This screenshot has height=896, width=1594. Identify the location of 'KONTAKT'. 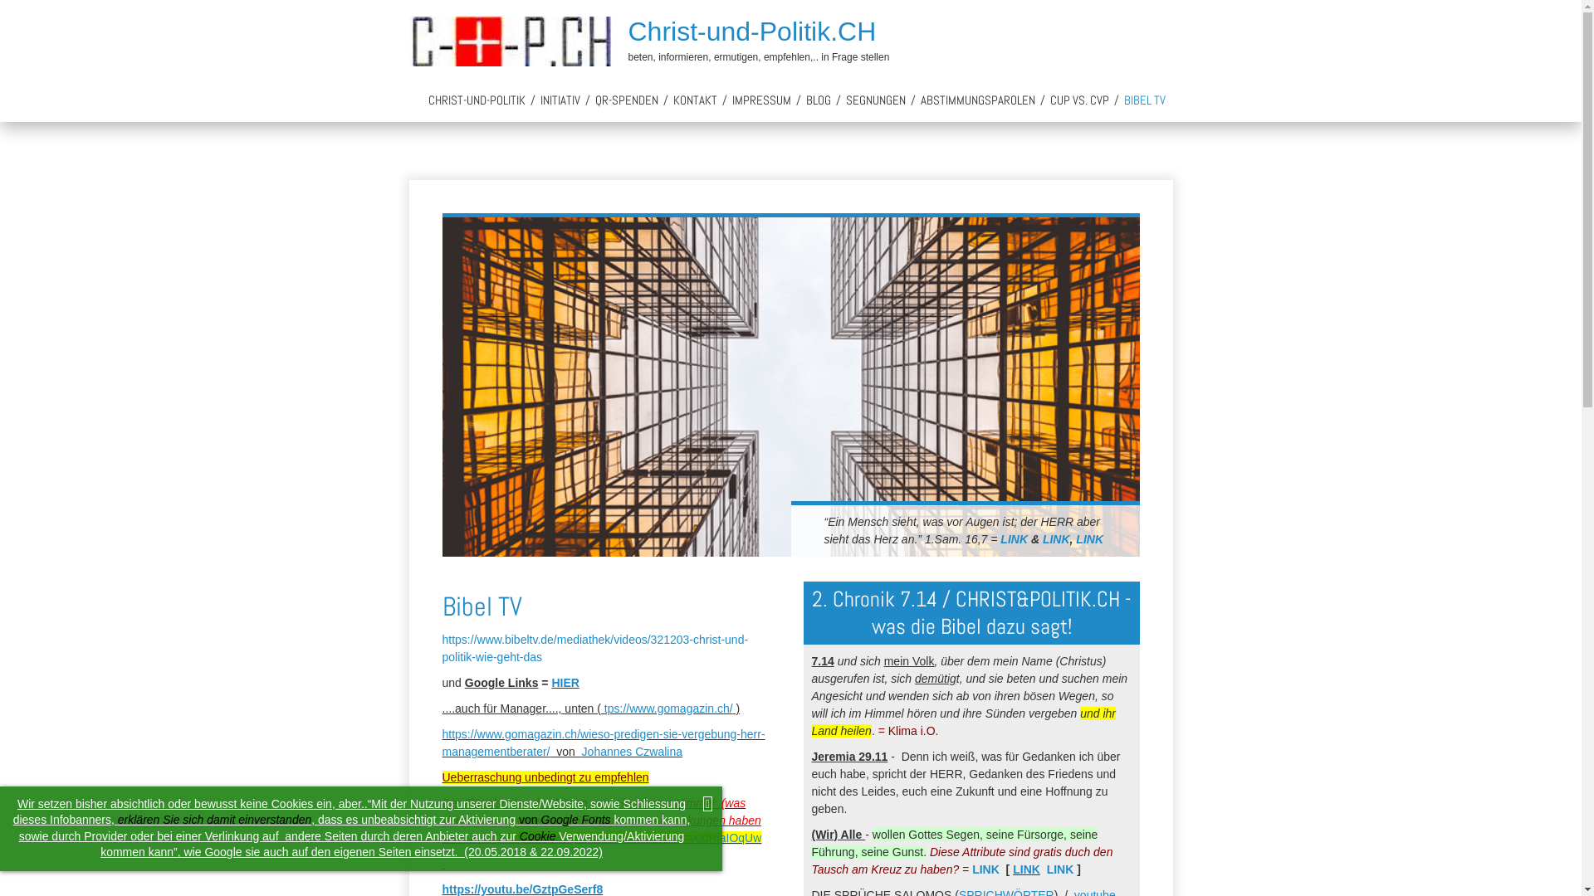
(695, 100).